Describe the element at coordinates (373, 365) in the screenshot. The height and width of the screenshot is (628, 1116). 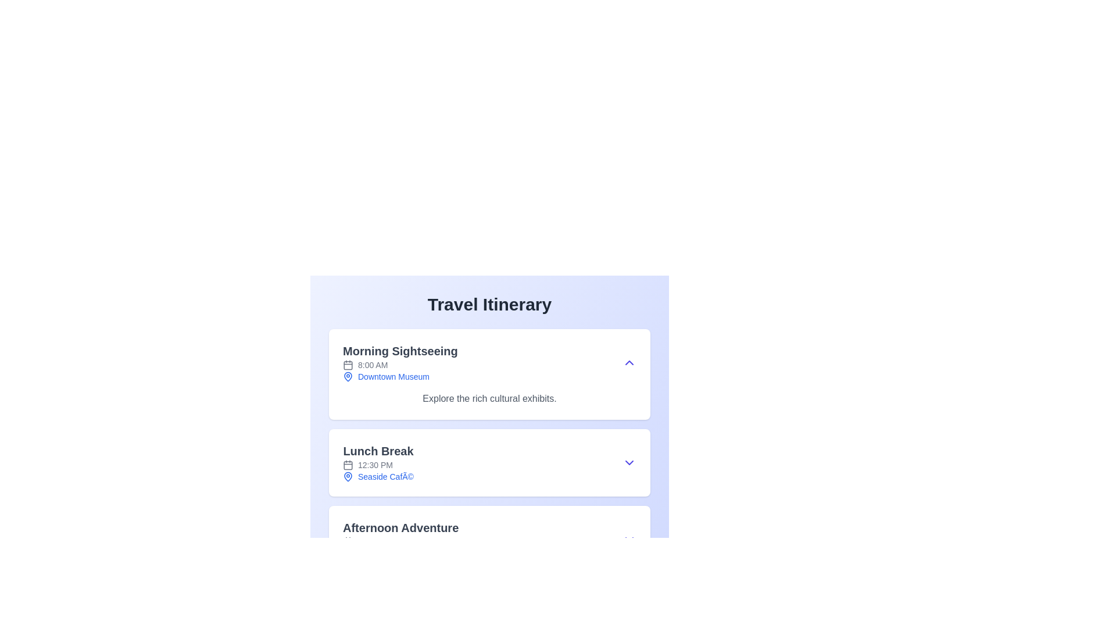
I see `the text label representing the scheduled time for 'Morning Sightseeing' in the travel itinerary, located after the calendar icon` at that location.